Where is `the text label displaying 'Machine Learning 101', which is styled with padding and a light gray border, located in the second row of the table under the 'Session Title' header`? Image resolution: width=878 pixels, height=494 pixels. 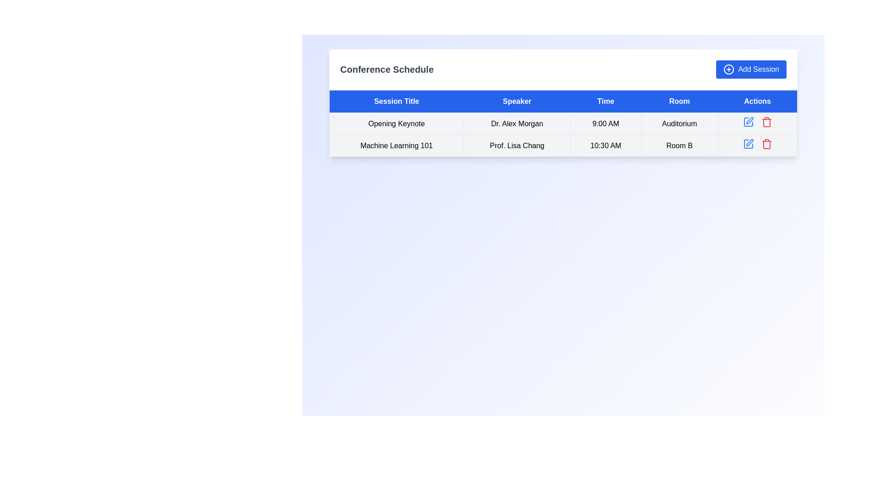
the text label displaying 'Machine Learning 101', which is styled with padding and a light gray border, located in the second row of the table under the 'Session Title' header is located at coordinates (396, 145).